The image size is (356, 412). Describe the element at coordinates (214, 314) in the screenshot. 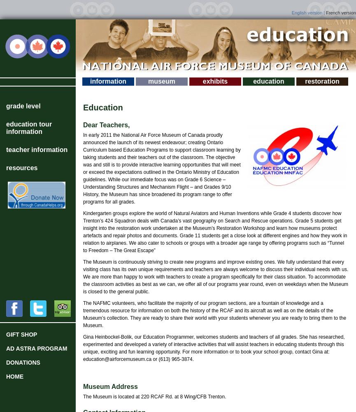

I see `'The NAFMC volunteers, who facilitate the majority of our program sections, are a fountain of knowledge and a tremendous resource for information on both the history of the RCAF and its aircraft as well as on the details of the Museum’s collection. They are ready to share their world with your students whenever you are ready to bring them to the Museum.'` at that location.